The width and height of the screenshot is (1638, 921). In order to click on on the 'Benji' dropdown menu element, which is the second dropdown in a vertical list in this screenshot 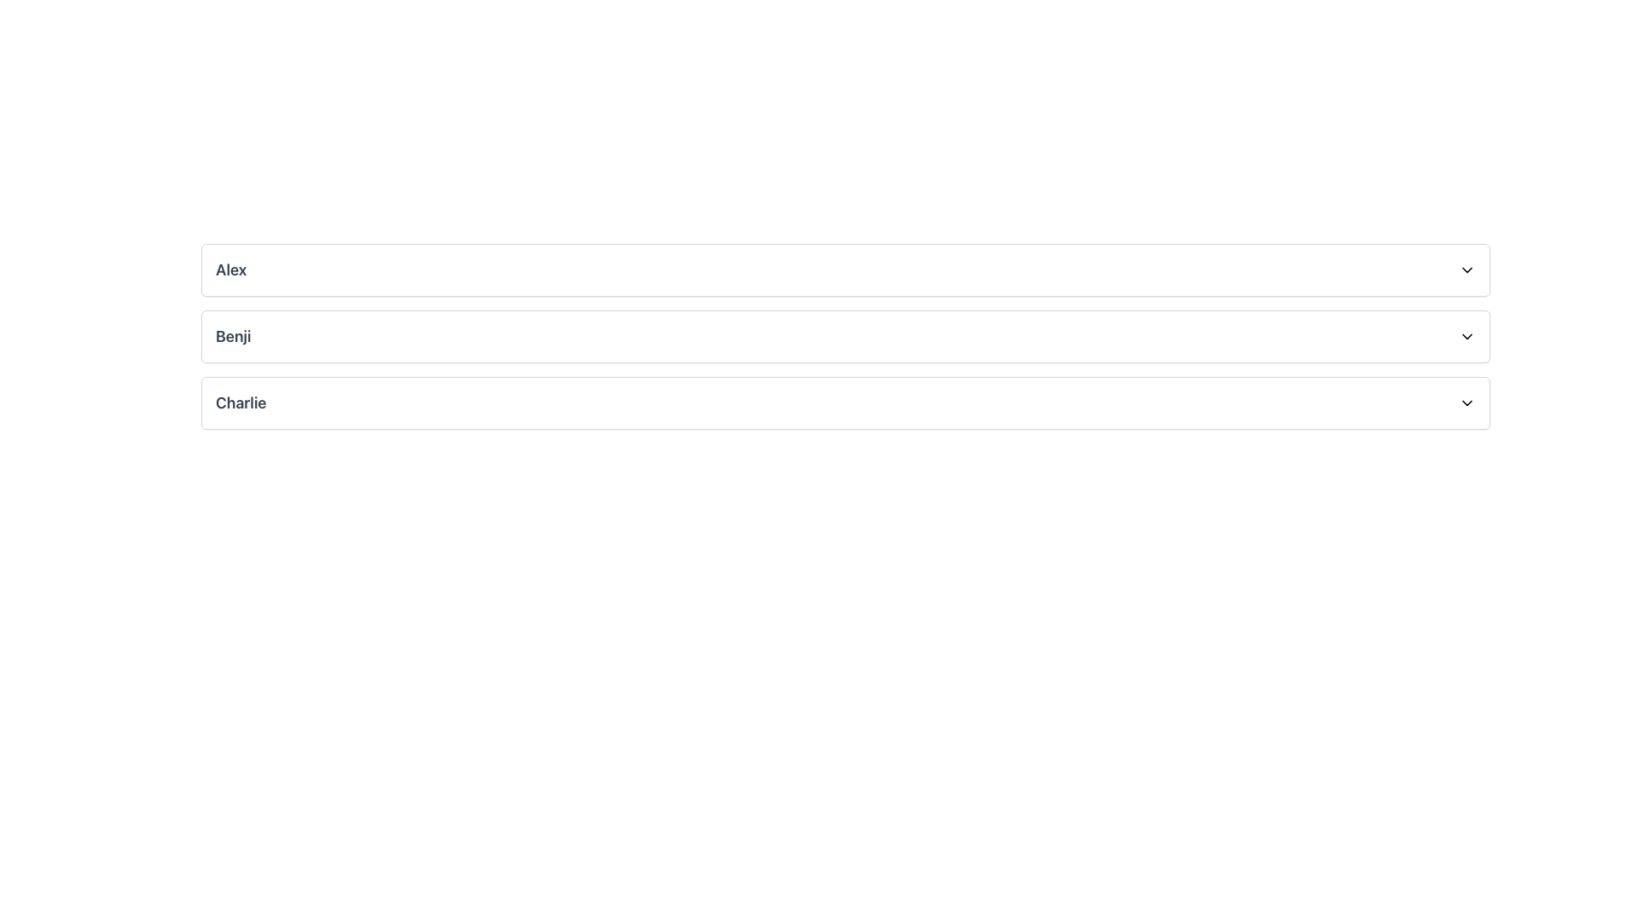, I will do `click(845, 336)`.